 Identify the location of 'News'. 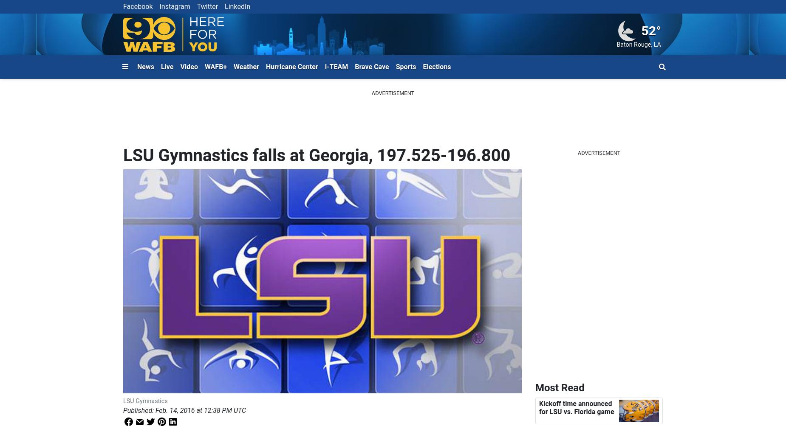
(137, 66).